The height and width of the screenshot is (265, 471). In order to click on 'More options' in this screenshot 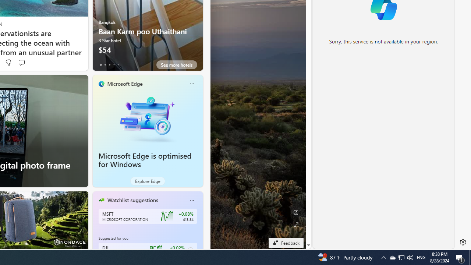, I will do `click(192, 200)`.